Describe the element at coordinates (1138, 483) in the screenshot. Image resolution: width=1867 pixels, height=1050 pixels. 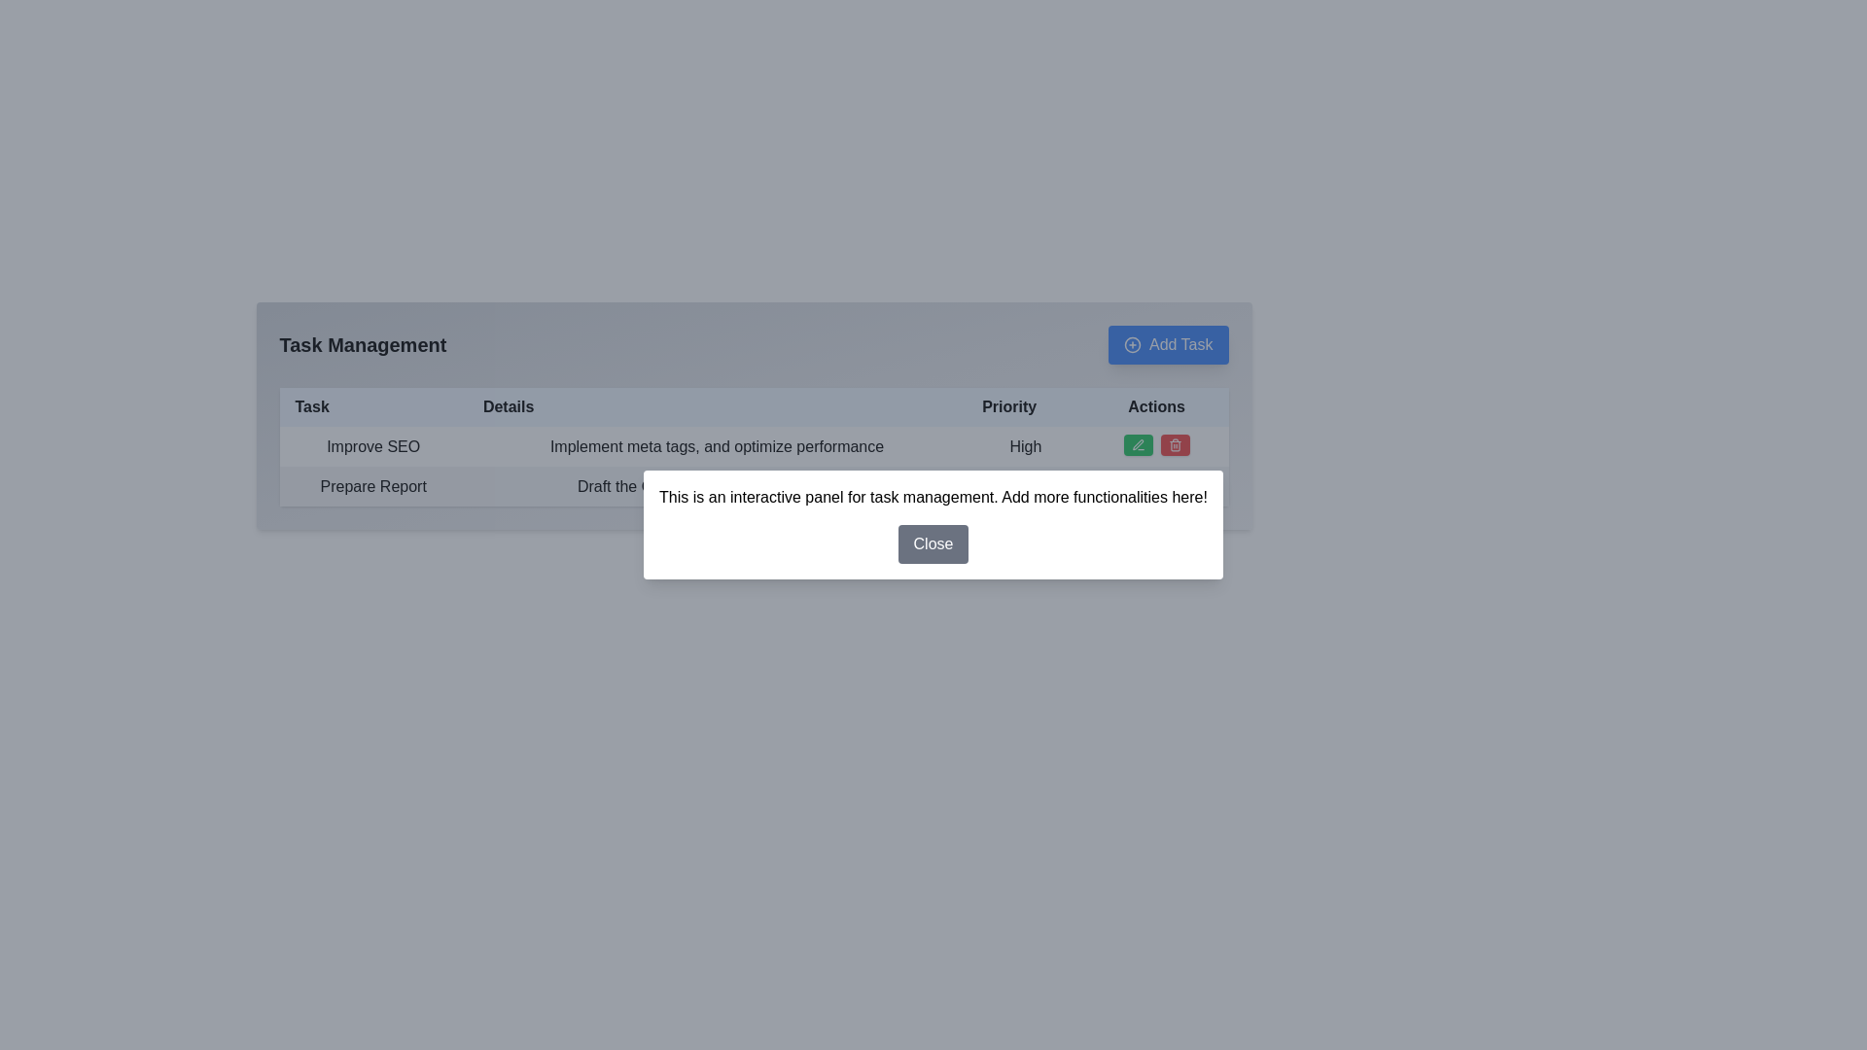
I see `the green button with a pen icon located in the 'Actions' column for the task 'Improve SEO' to trigger additional effects such as a tooltip or style change` at that location.